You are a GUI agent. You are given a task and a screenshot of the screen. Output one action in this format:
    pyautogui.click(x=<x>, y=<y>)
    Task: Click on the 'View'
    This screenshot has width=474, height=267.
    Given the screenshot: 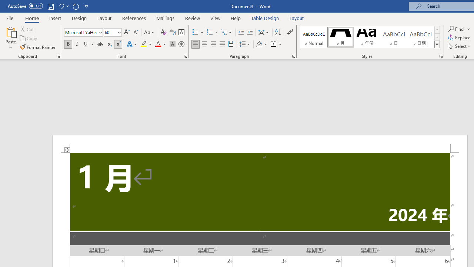 What is the action you would take?
    pyautogui.click(x=215, y=18)
    